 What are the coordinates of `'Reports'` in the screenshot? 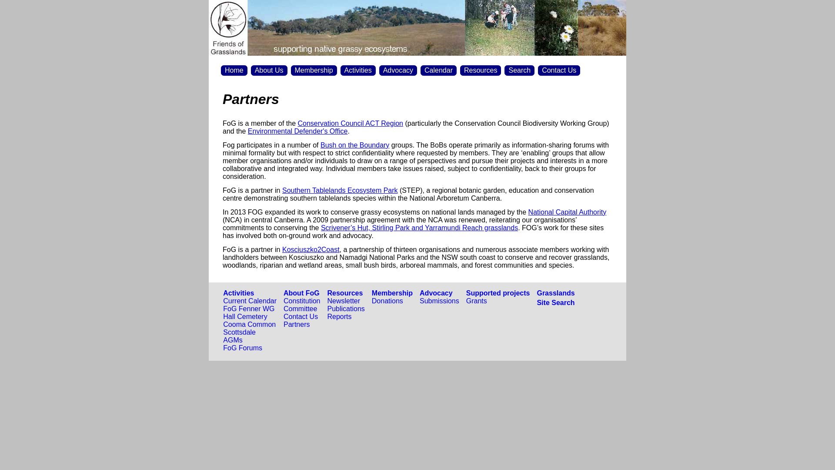 It's located at (339, 316).